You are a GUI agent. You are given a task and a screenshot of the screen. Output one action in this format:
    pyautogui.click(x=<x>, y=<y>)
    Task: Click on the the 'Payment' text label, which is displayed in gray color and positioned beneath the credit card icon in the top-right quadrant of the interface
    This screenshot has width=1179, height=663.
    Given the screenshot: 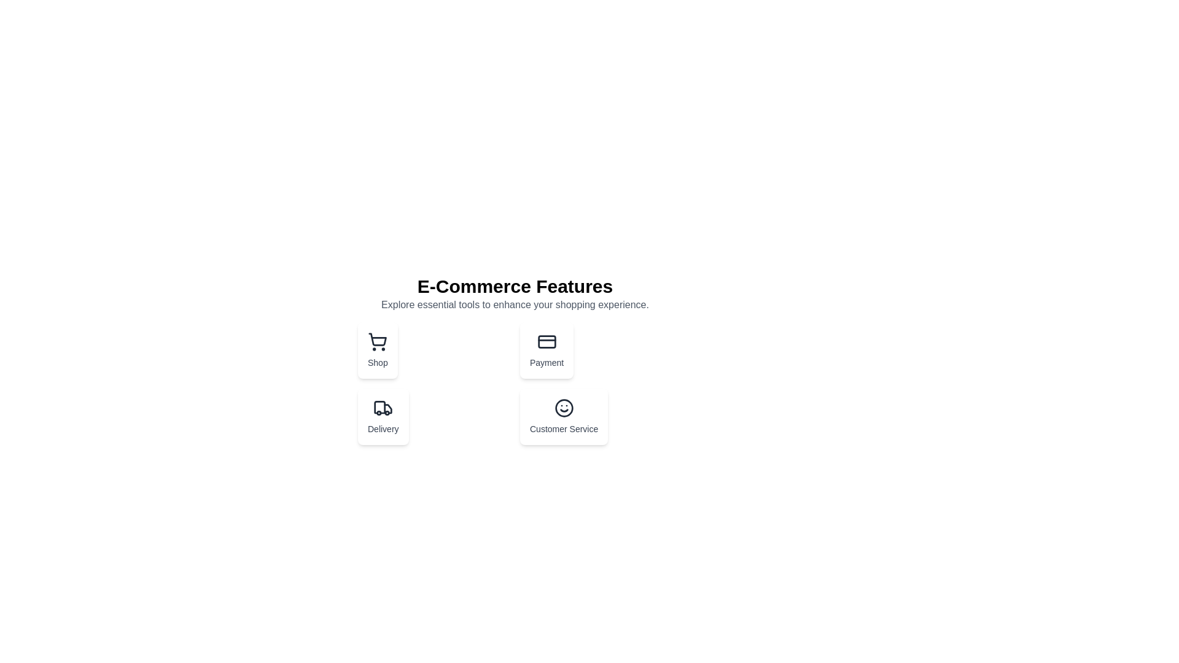 What is the action you would take?
    pyautogui.click(x=546, y=362)
    